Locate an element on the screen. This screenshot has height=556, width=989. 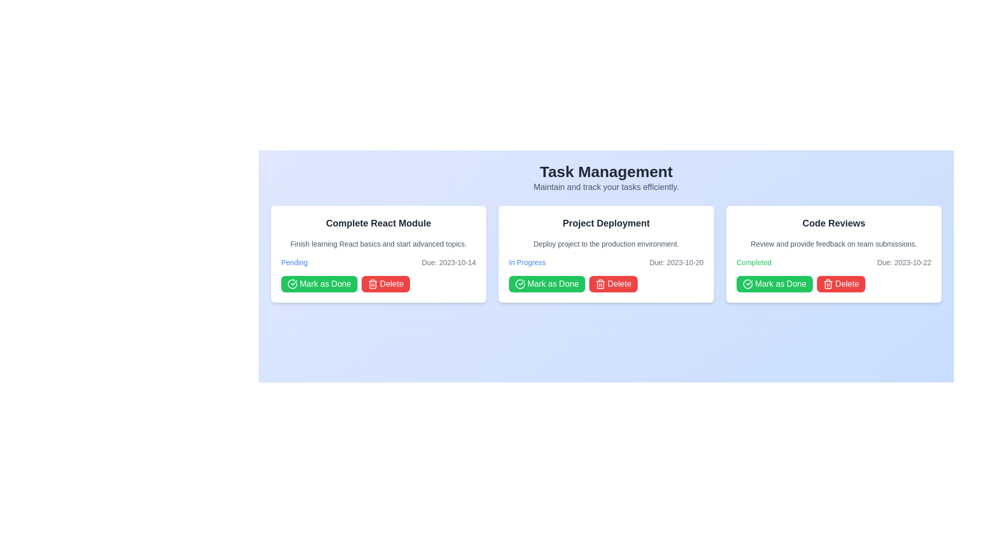
the red trash bin icon within the 'Delete' button of the 'Complete React Module' task card is located at coordinates (372, 284).